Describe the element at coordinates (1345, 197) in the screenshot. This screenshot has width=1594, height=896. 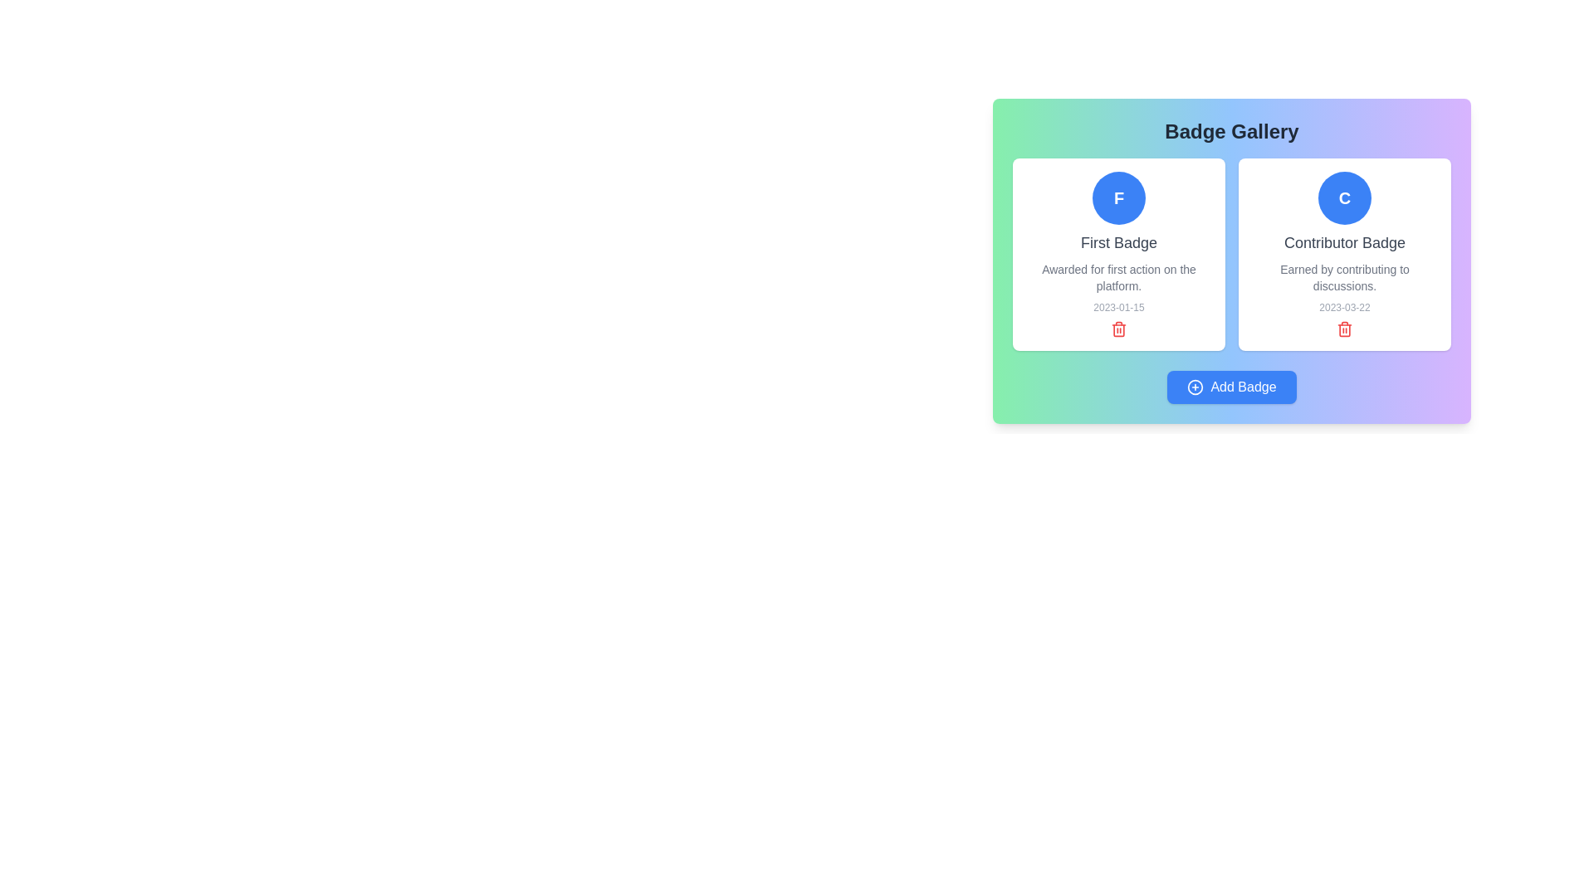
I see `the circular blue badge with the letter 'C' in white, which is located at the top-right of the 'Contributor Badge' card` at that location.